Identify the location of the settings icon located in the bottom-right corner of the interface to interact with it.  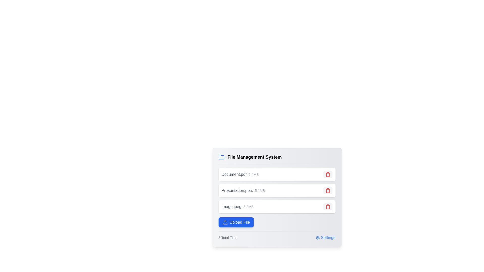
(317, 238).